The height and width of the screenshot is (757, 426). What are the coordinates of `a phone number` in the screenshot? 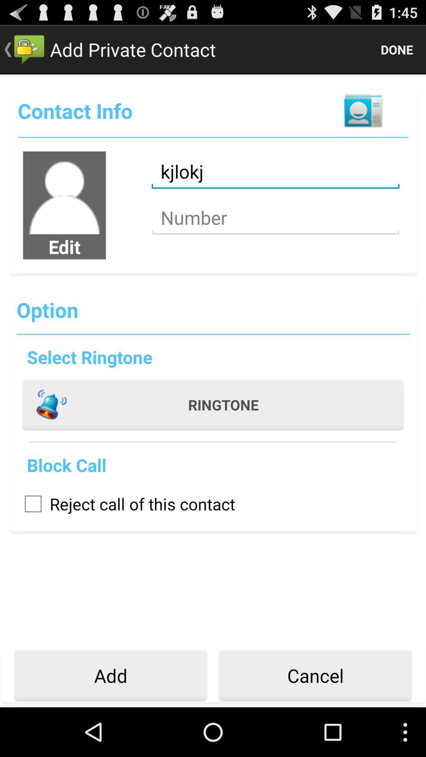 It's located at (275, 218).